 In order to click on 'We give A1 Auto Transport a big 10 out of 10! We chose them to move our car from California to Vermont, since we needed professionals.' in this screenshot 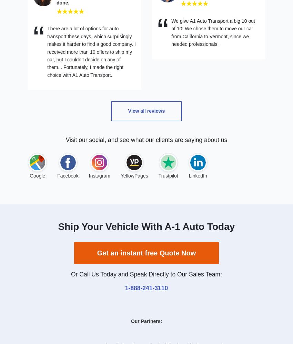, I will do `click(171, 32)`.